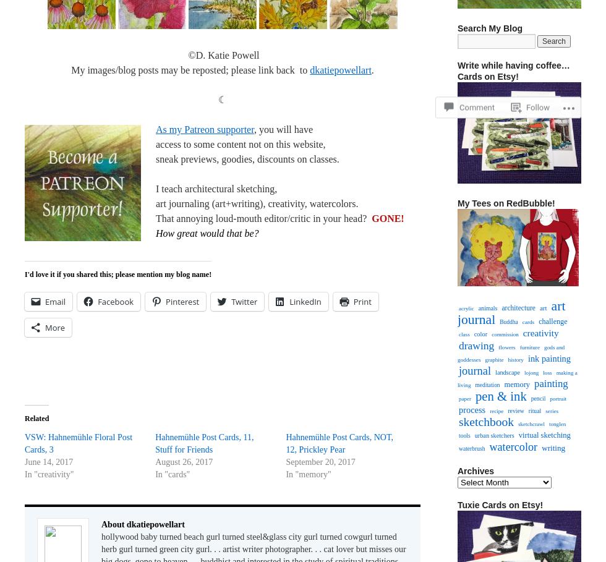  What do you see at coordinates (531, 373) in the screenshot?
I see `'lojong'` at bounding box center [531, 373].